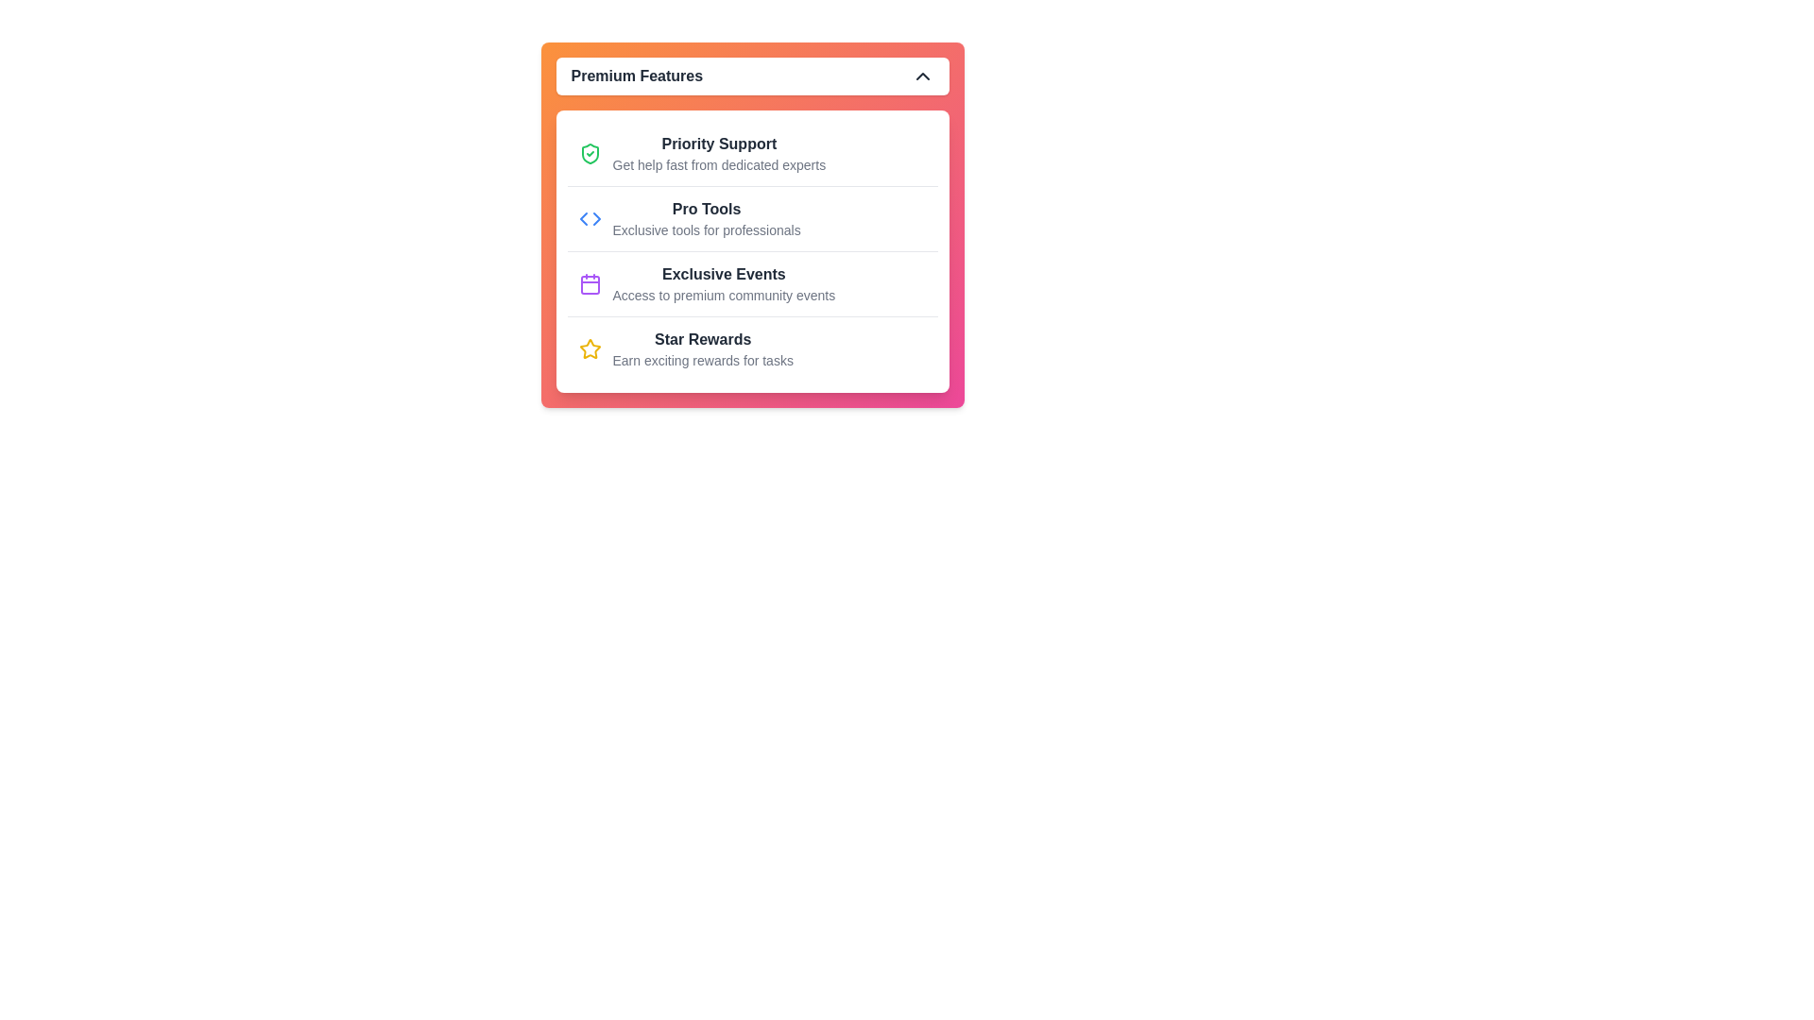  What do you see at coordinates (751, 283) in the screenshot?
I see `the third item in the 'Premium Features' list that provides details about exclusive events accessible to the user` at bounding box center [751, 283].